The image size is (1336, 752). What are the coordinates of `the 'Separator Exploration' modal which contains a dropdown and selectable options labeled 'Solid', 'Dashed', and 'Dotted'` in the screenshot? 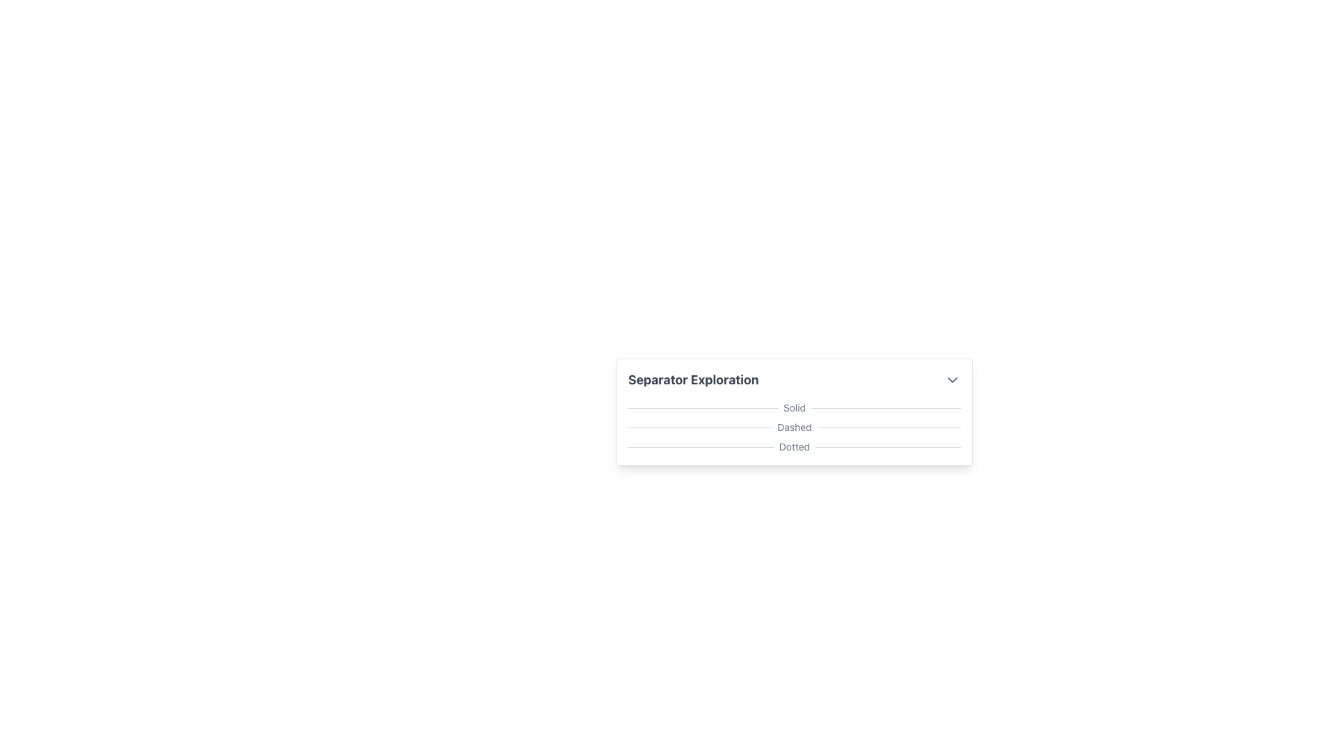 It's located at (795, 448).